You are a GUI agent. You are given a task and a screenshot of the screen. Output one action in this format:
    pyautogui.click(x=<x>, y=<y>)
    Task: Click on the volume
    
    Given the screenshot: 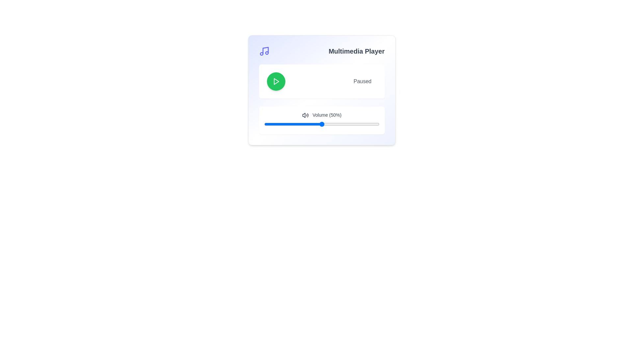 What is the action you would take?
    pyautogui.click(x=326, y=124)
    